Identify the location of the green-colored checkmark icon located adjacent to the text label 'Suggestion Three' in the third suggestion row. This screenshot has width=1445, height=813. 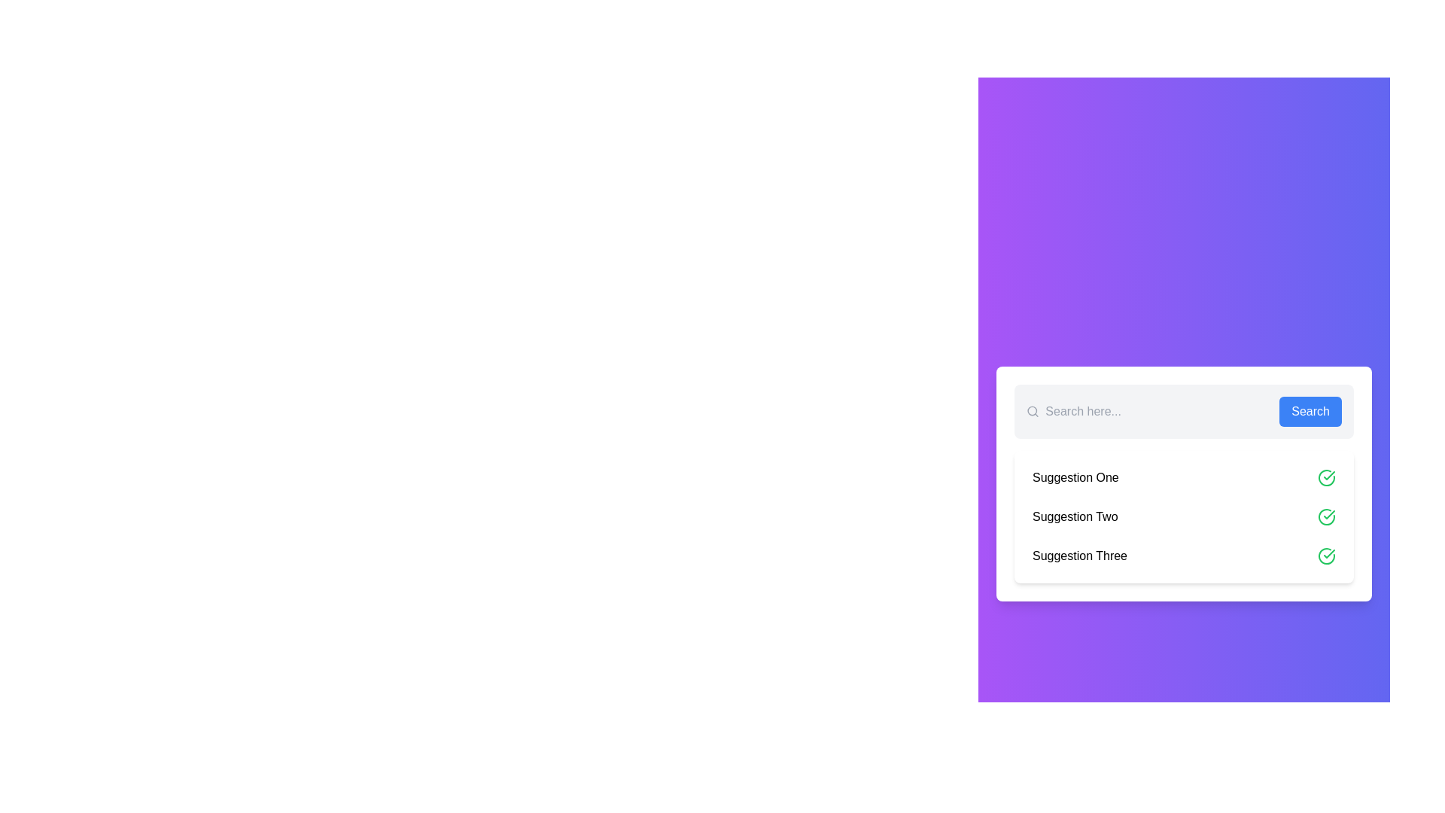
(1329, 513).